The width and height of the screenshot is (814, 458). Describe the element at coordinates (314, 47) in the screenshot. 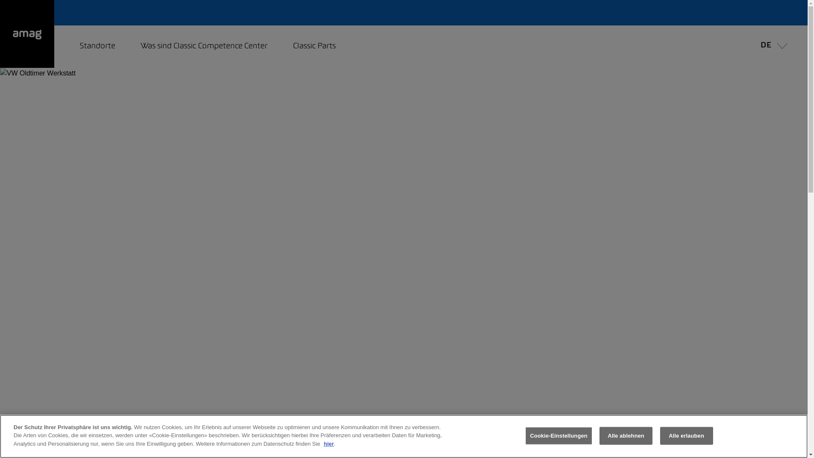

I see `'Classic Parts'` at that location.